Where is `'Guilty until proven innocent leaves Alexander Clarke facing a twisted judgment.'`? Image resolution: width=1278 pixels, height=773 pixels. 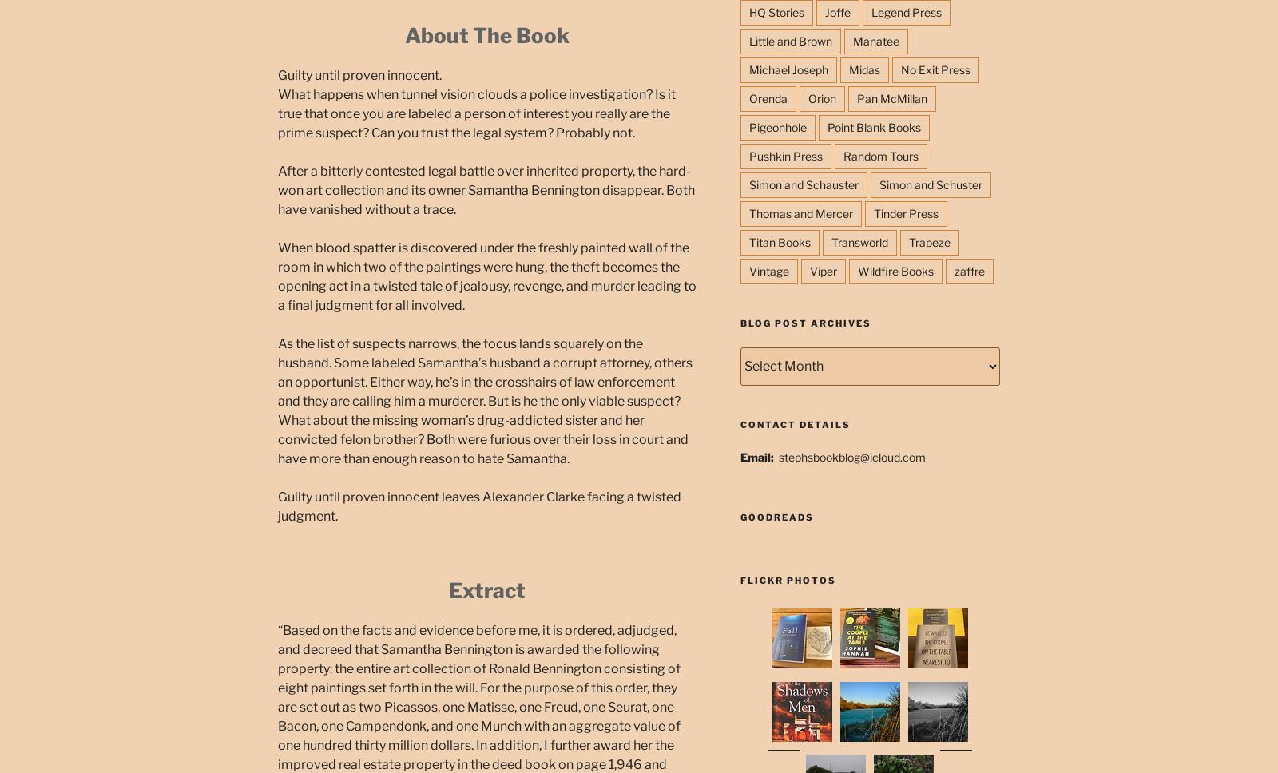
'Guilty until proven innocent leaves Alexander Clarke facing a twisted judgment.' is located at coordinates (478, 505).